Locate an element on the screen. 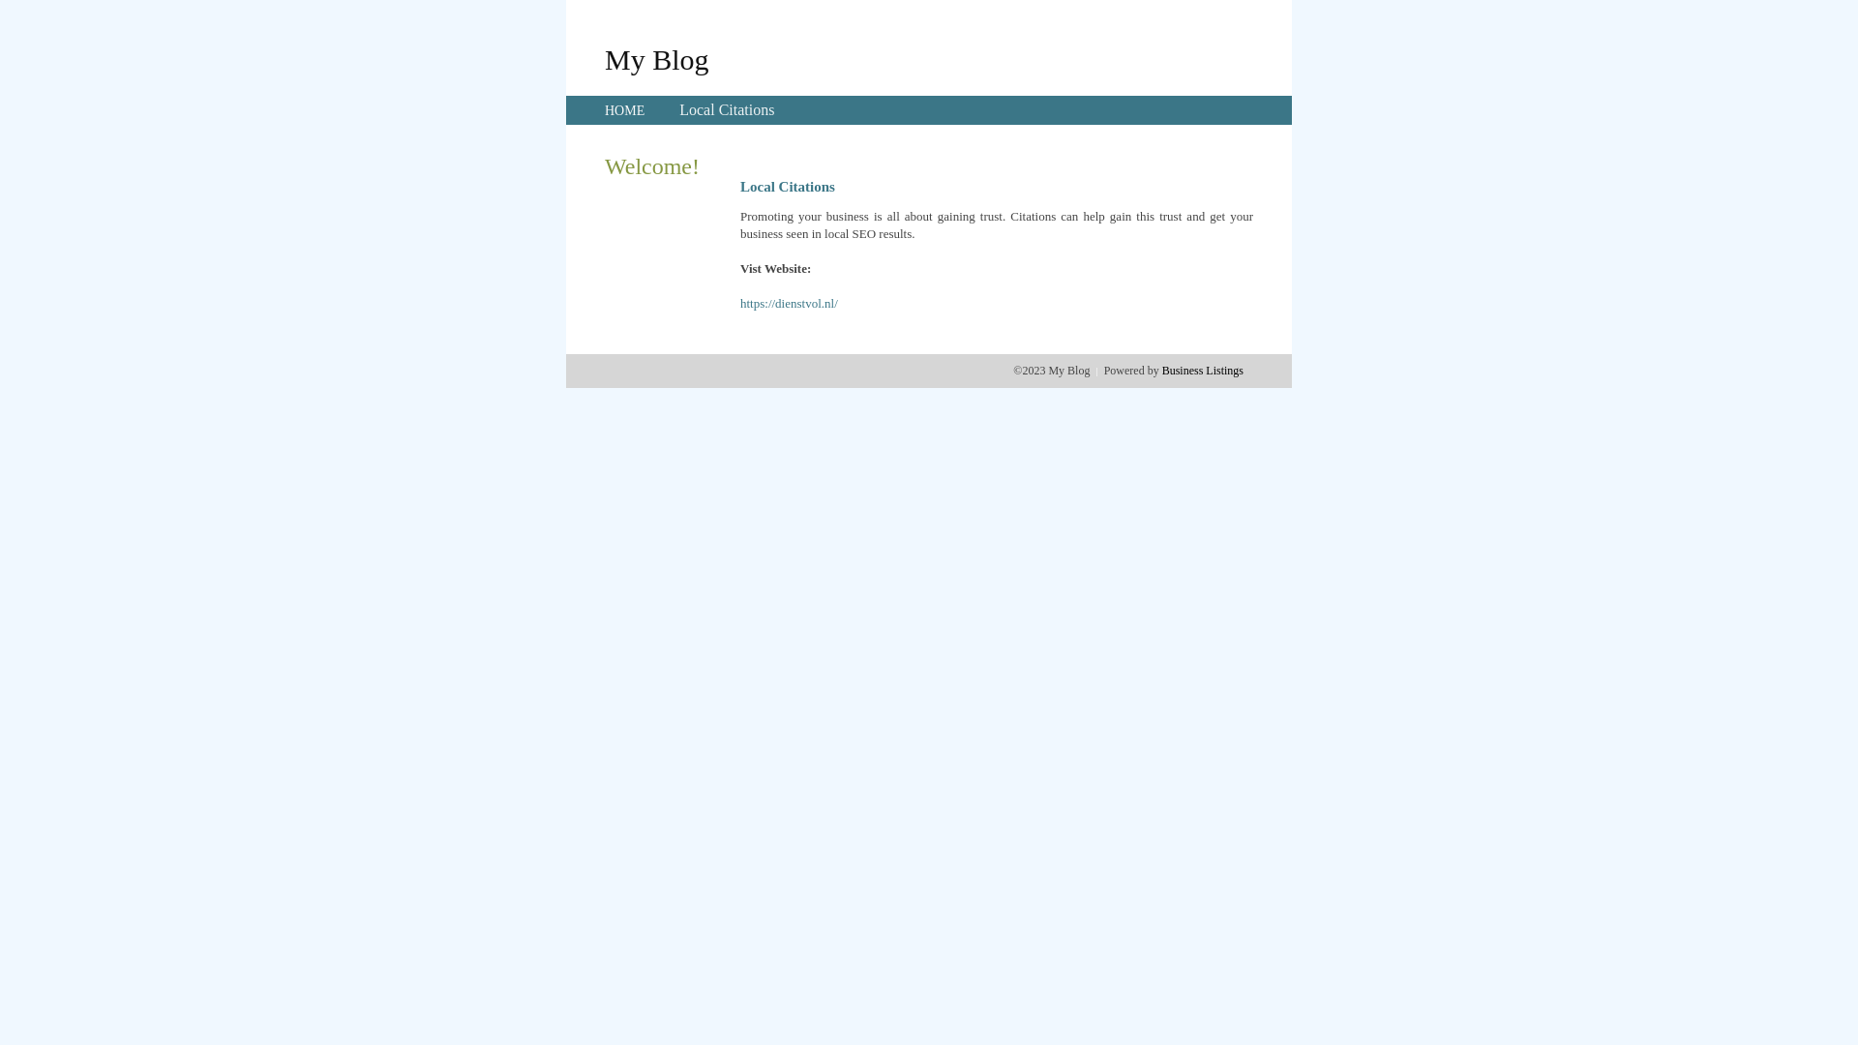  'Local Citations' is located at coordinates (678, 109).